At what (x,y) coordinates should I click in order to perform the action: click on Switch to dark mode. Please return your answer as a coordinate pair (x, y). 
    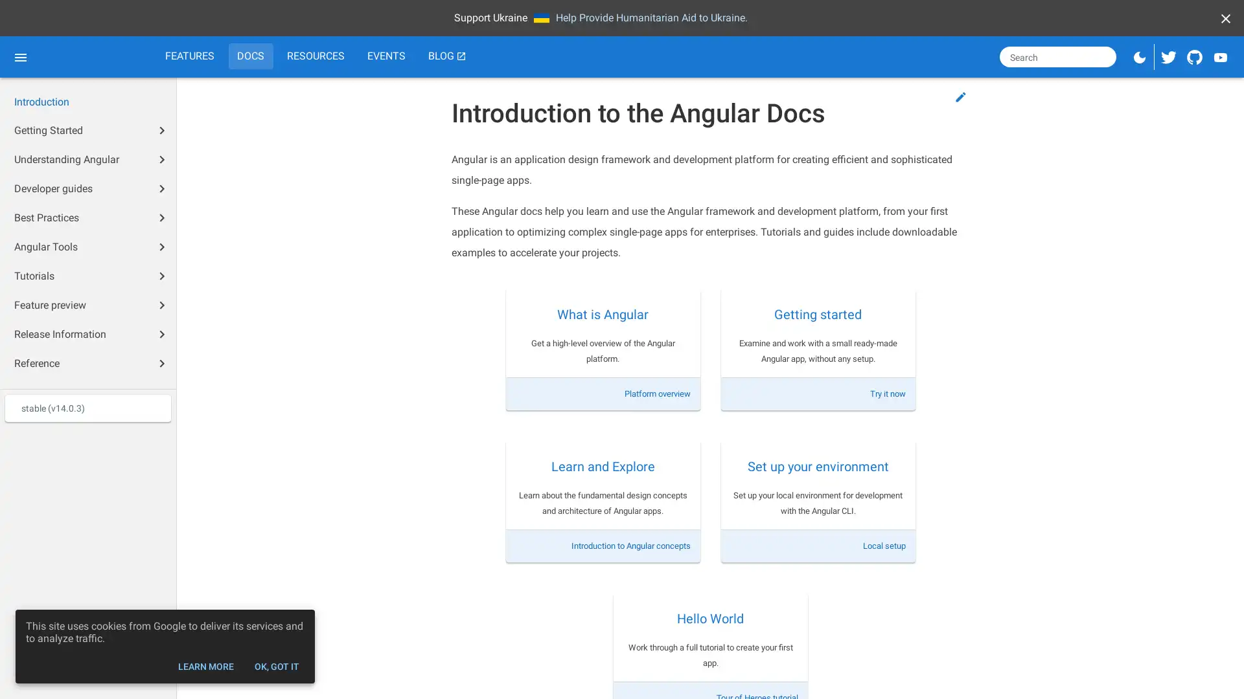
    Looking at the image, I should click on (1138, 56).